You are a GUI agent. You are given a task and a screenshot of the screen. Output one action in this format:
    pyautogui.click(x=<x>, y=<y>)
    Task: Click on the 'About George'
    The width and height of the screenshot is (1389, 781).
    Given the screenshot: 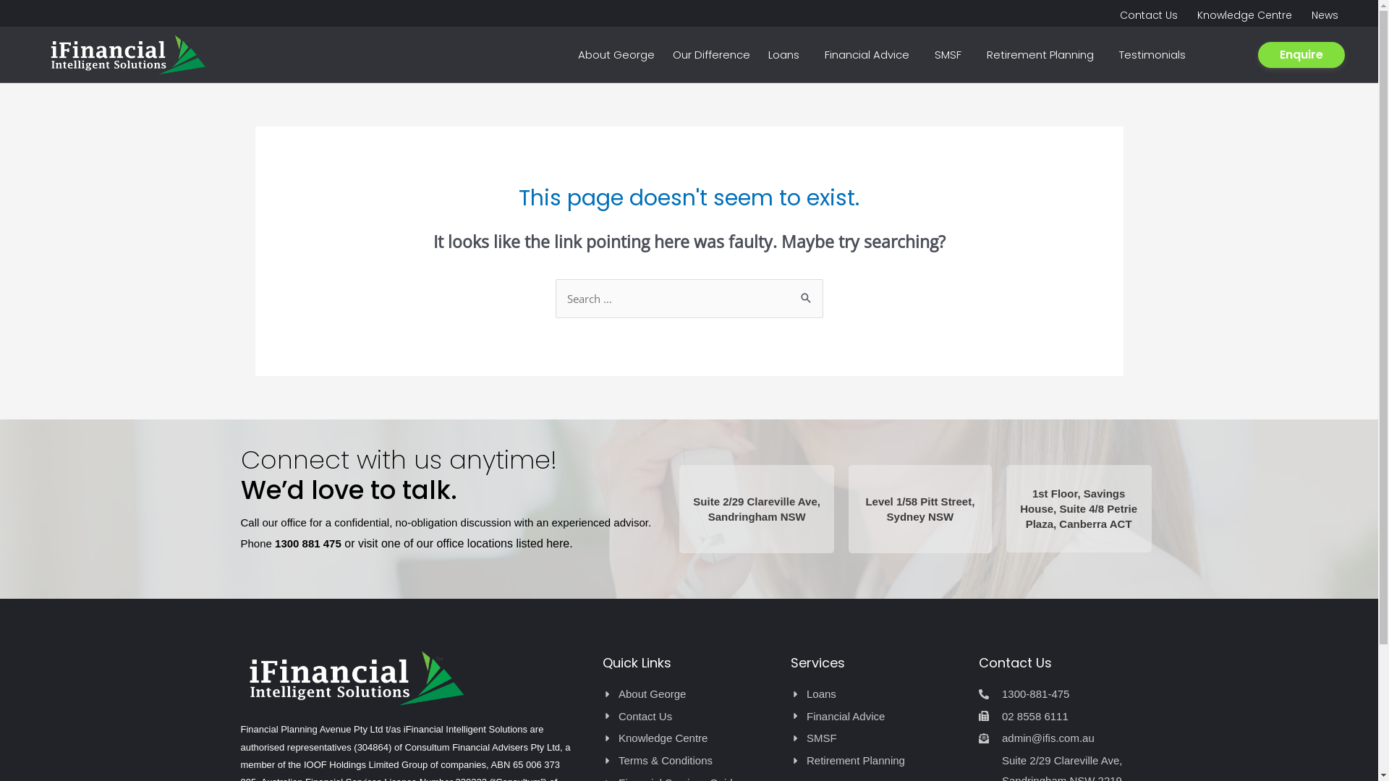 What is the action you would take?
    pyautogui.click(x=687, y=693)
    